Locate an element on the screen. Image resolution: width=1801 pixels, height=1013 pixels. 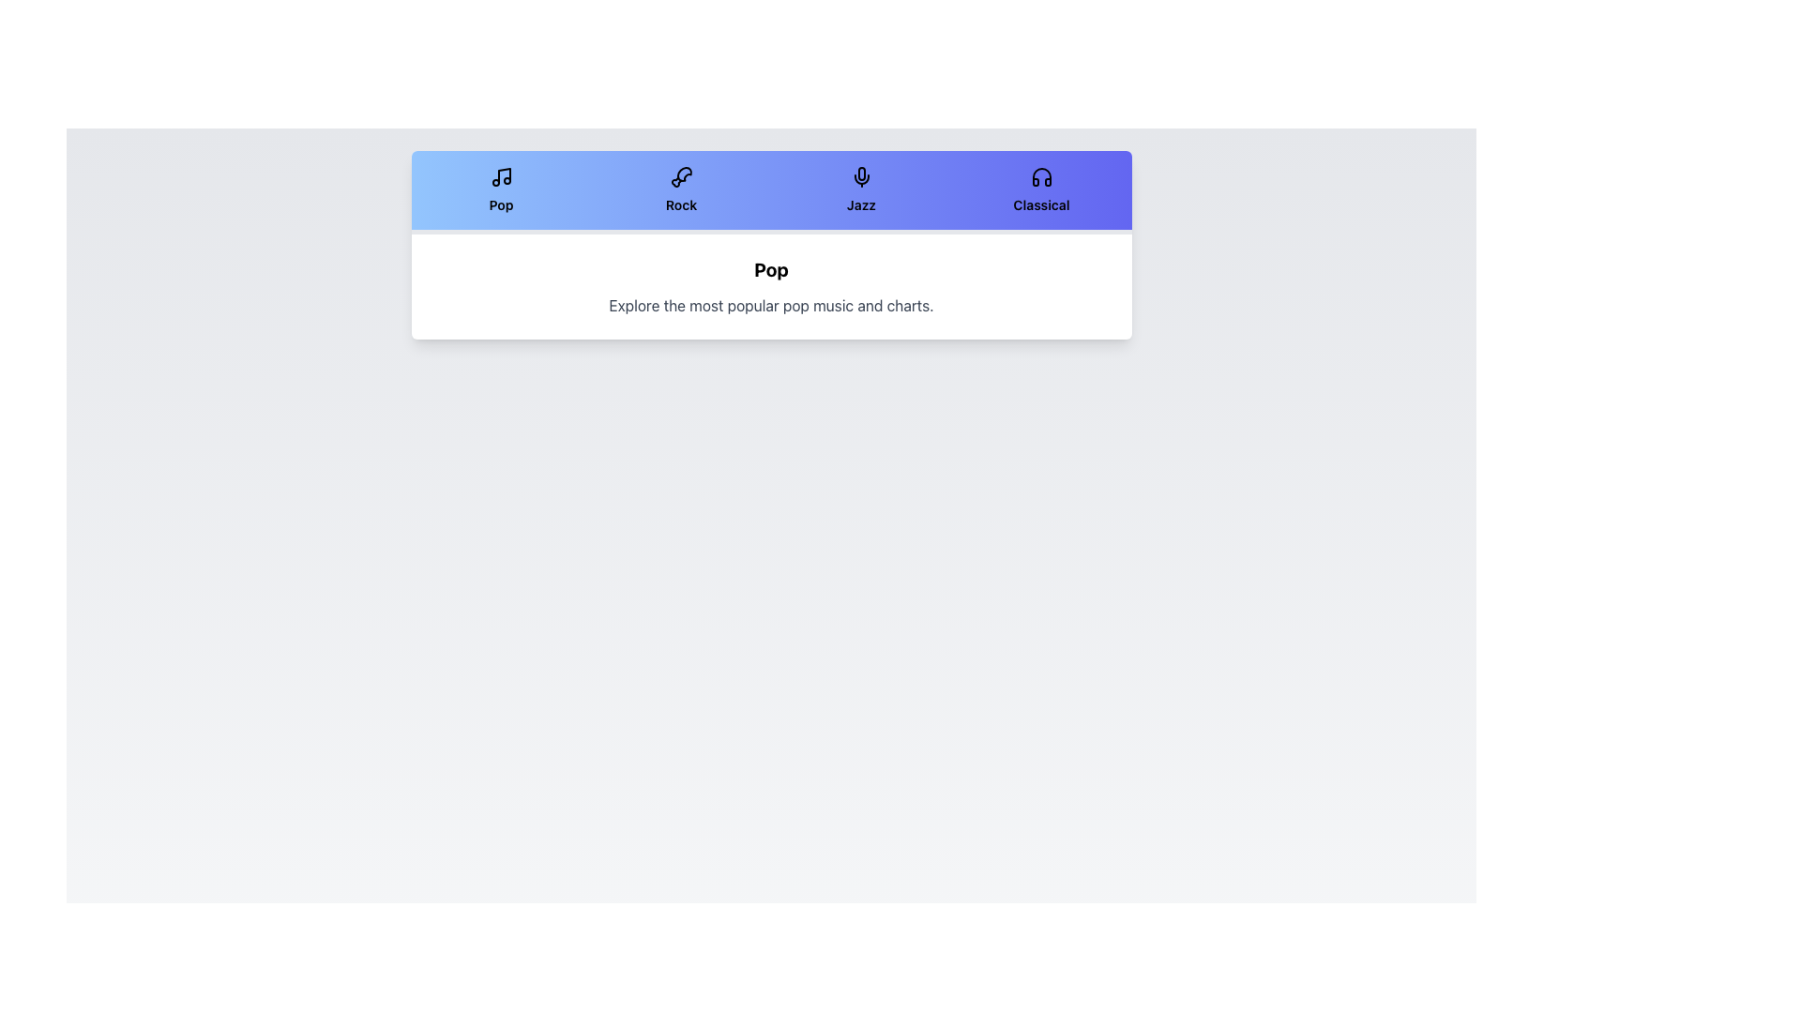
the outlined microphone icon located above the 'Jazz' label in the navigation menu is located at coordinates (860, 177).